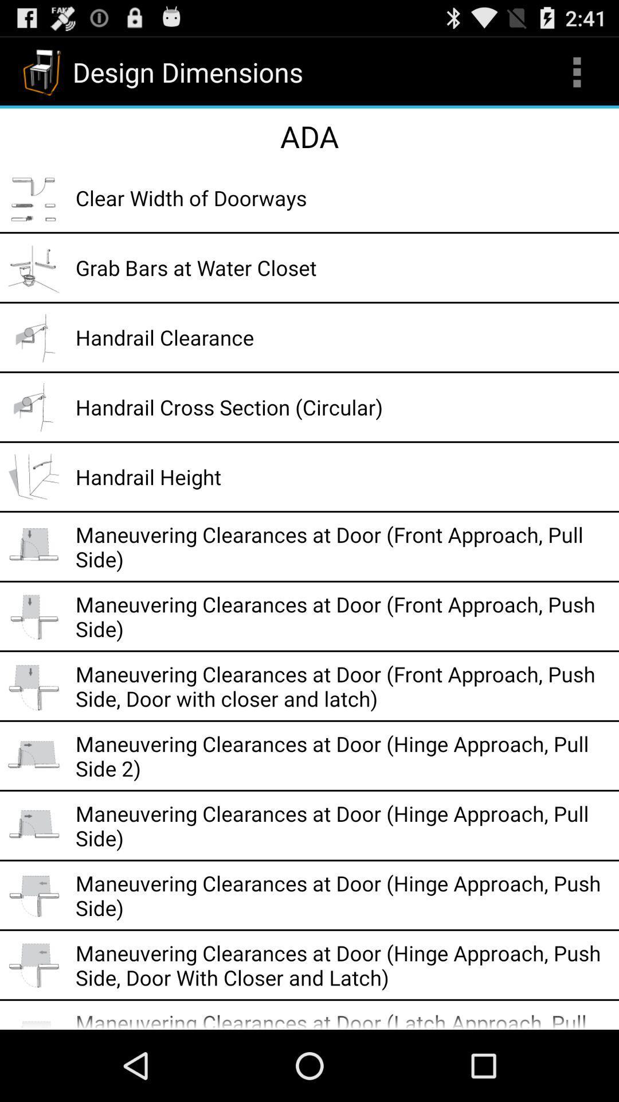 The image size is (619, 1102). What do you see at coordinates (343, 198) in the screenshot?
I see `clear width of` at bounding box center [343, 198].